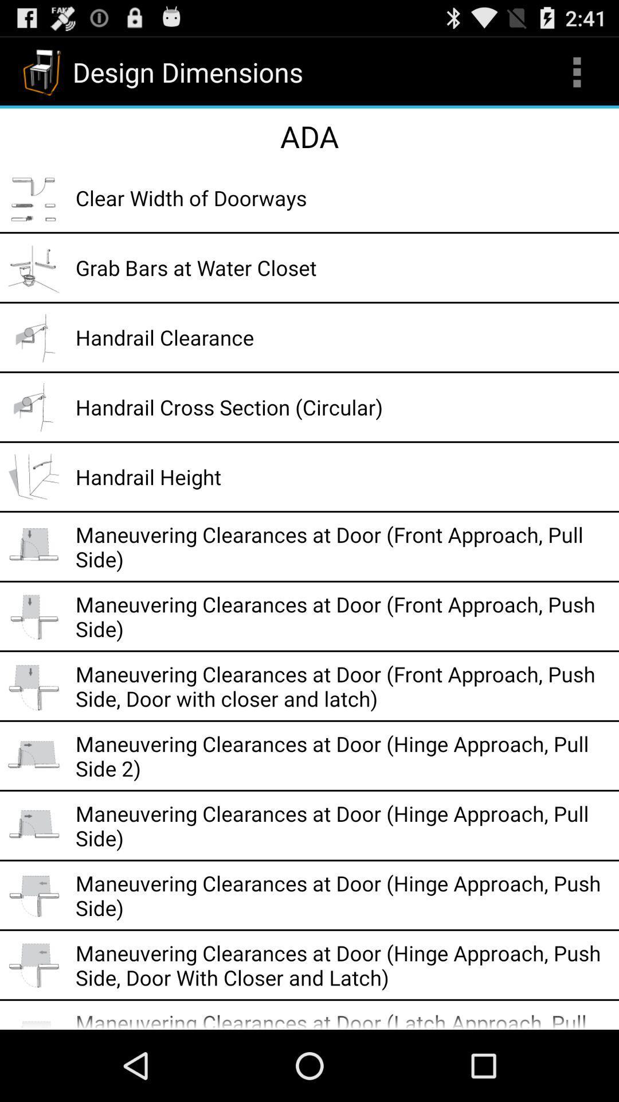 The image size is (619, 1102). What do you see at coordinates (343, 198) in the screenshot?
I see `clear width of` at bounding box center [343, 198].